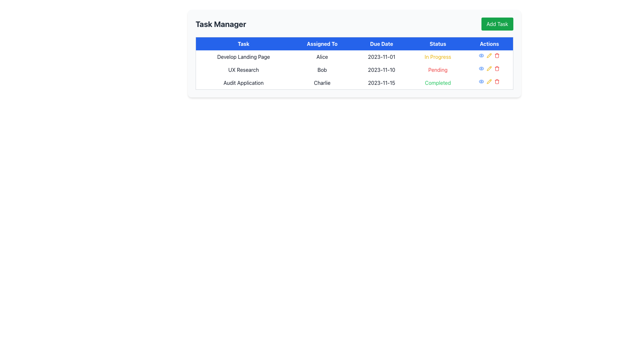 This screenshot has height=351, width=625. I want to click on the edit button located in the 'Audit Application' row of the actions group, specifically the second icon from the left, so click(489, 81).